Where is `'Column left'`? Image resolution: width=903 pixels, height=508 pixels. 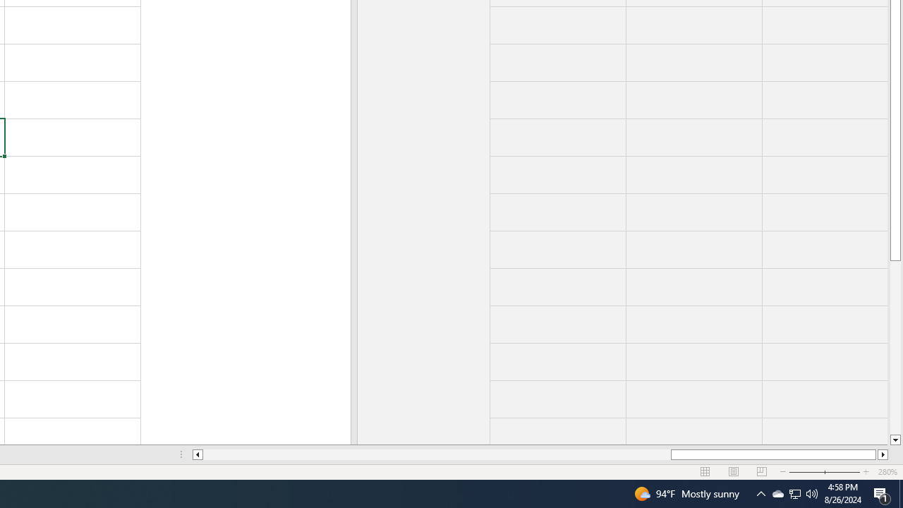 'Column left' is located at coordinates (196, 454).